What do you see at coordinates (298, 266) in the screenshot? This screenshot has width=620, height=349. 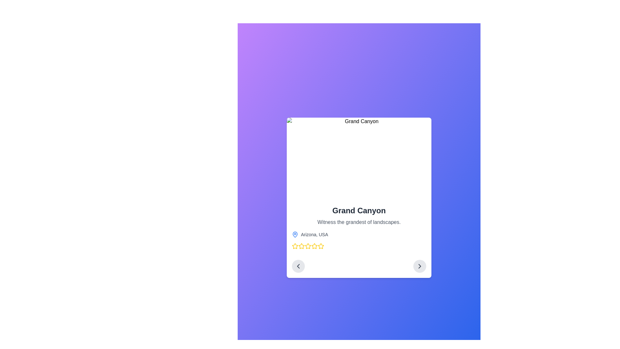 I see `the left chevron icon located within the leftward circular button beneath the main content, which is part of the left navigation control` at bounding box center [298, 266].